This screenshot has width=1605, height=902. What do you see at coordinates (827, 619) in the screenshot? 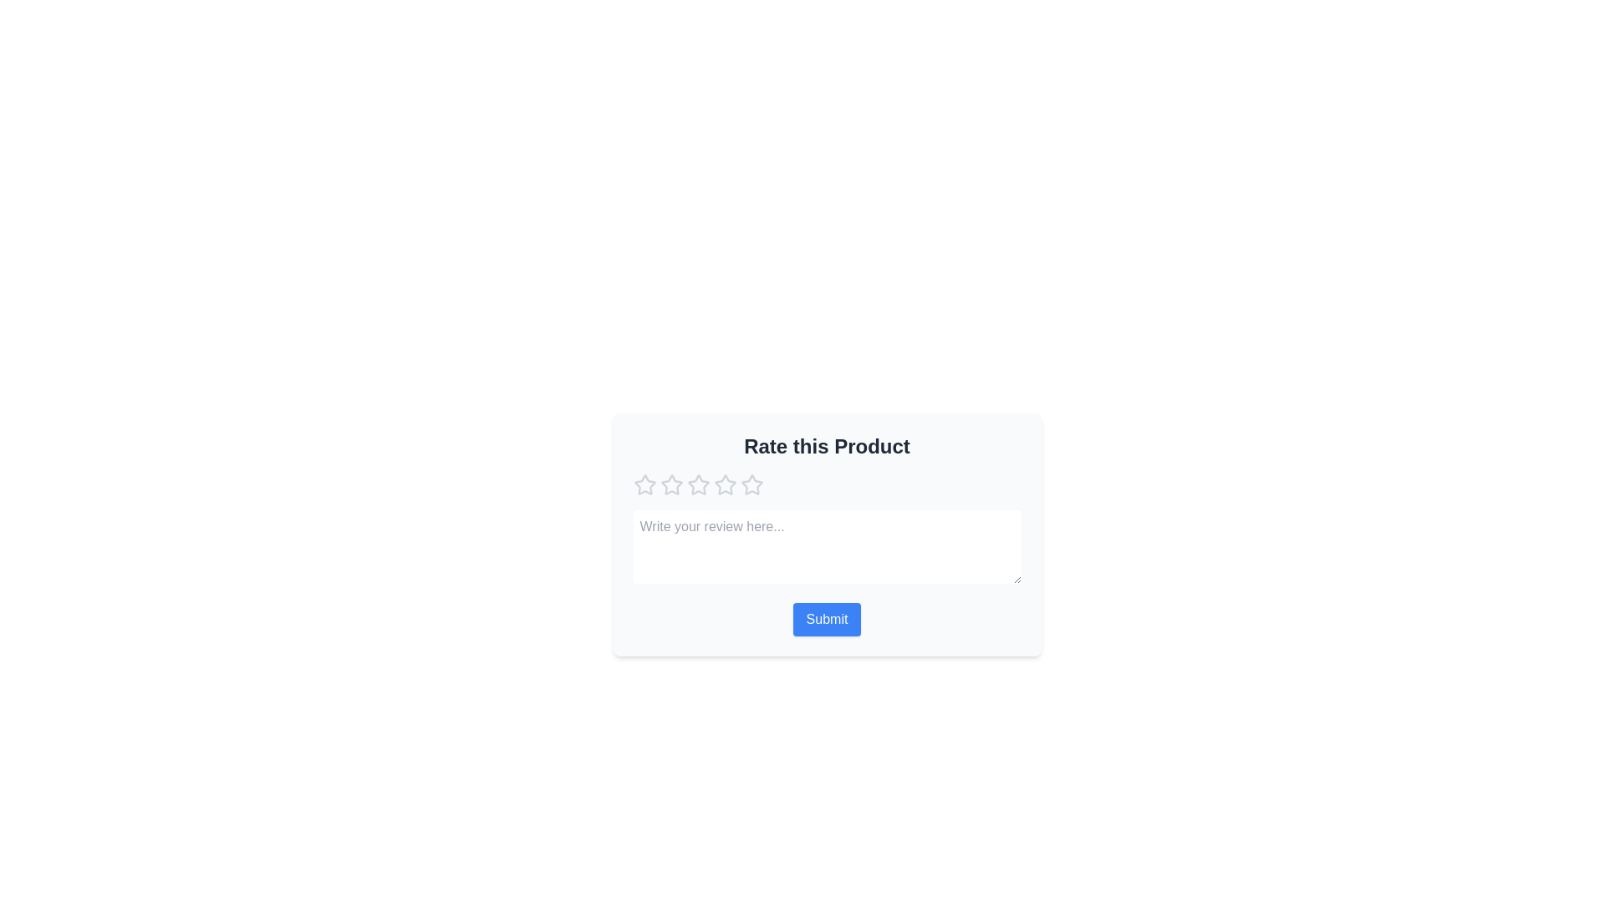
I see `the Submit button to submit the rating and review` at bounding box center [827, 619].